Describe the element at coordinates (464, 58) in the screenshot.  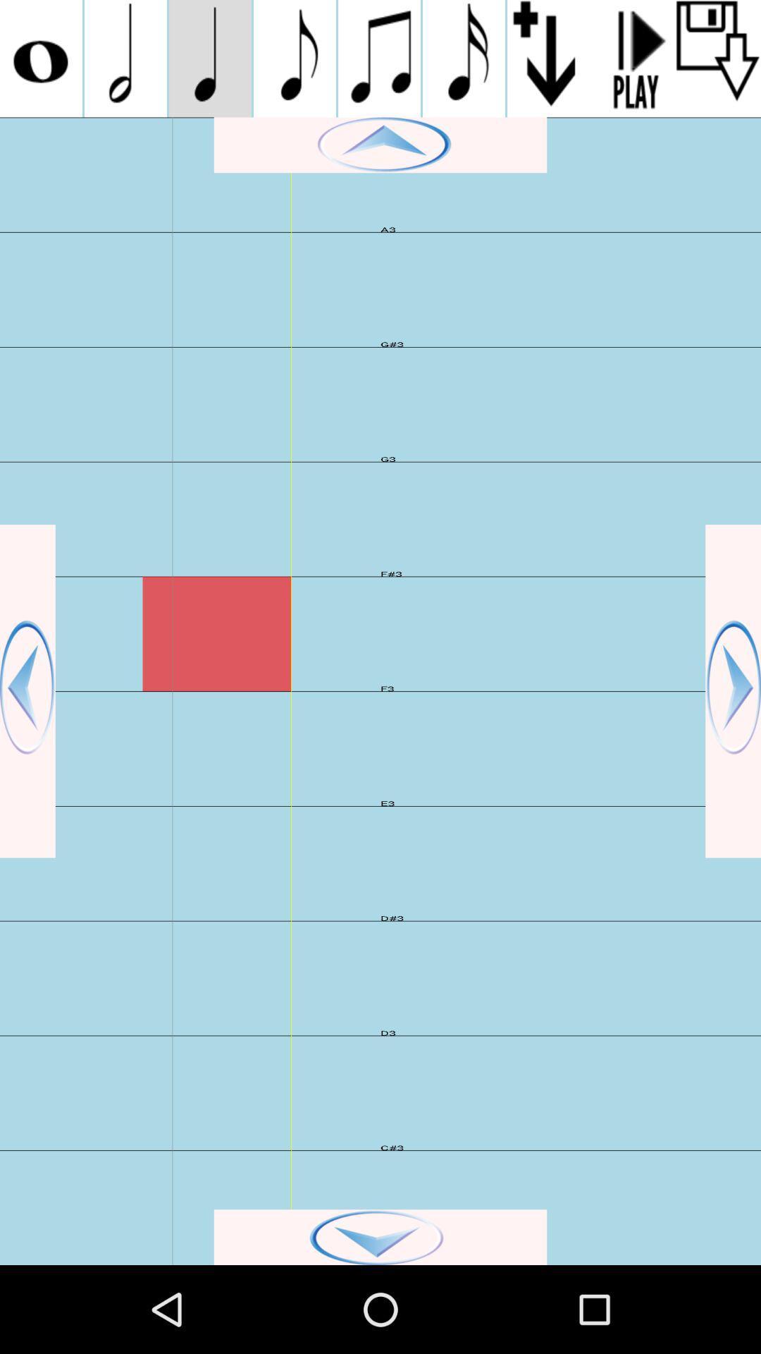
I see `musical note` at that location.